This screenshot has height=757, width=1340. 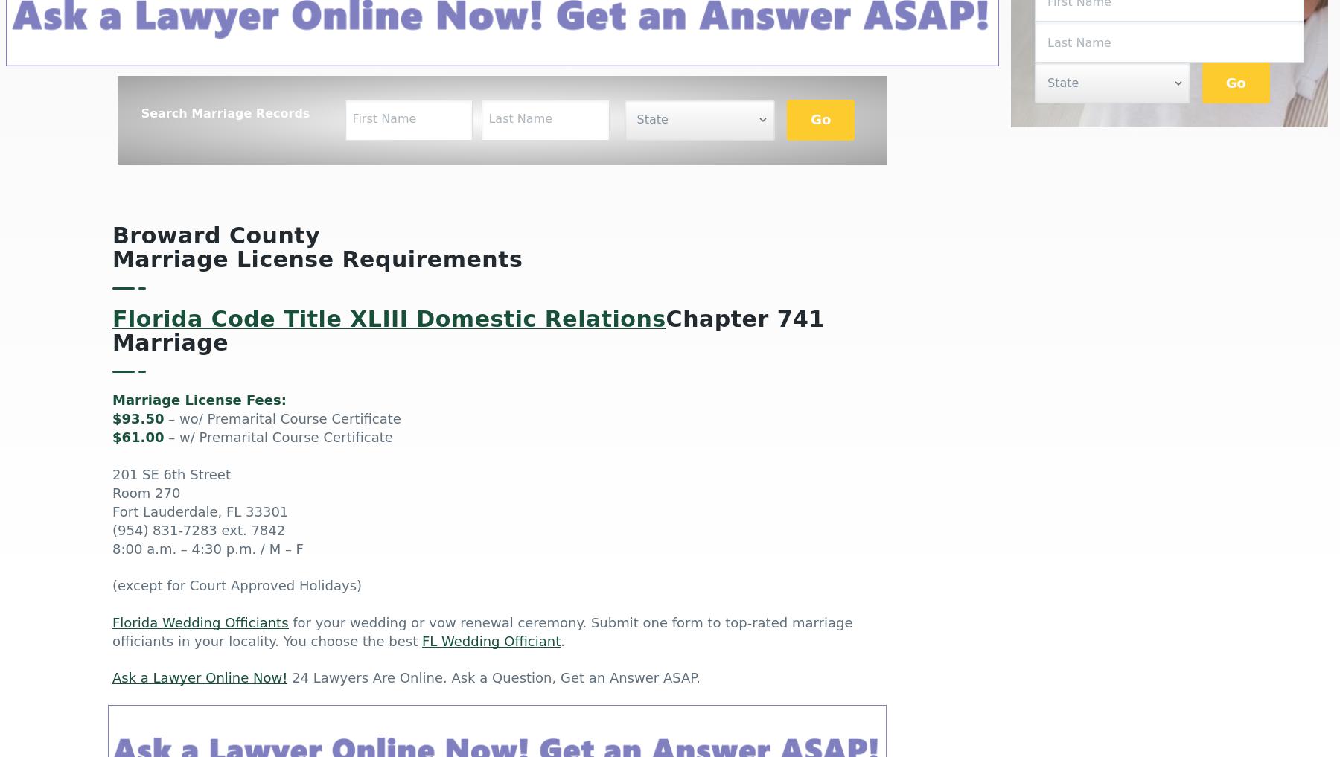 I want to click on 'Marriage License Requirements', so click(x=317, y=260).